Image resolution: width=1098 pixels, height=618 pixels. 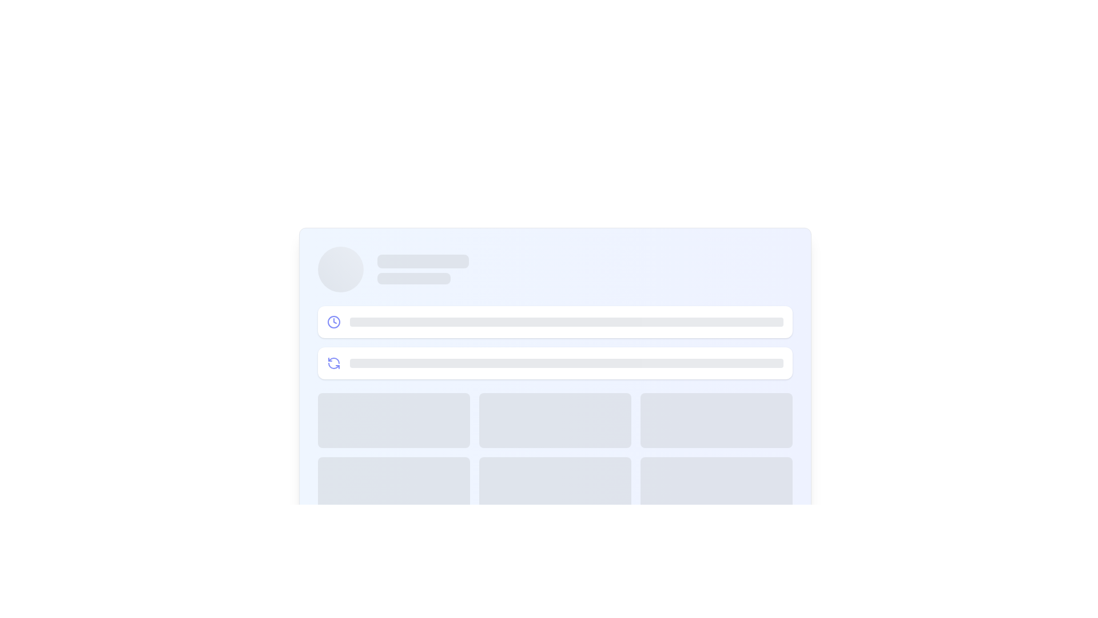 What do you see at coordinates (393, 421) in the screenshot?
I see `the Placeholder block located in the first row and first column of the grid layout, which is the top-left position of the grid` at bounding box center [393, 421].